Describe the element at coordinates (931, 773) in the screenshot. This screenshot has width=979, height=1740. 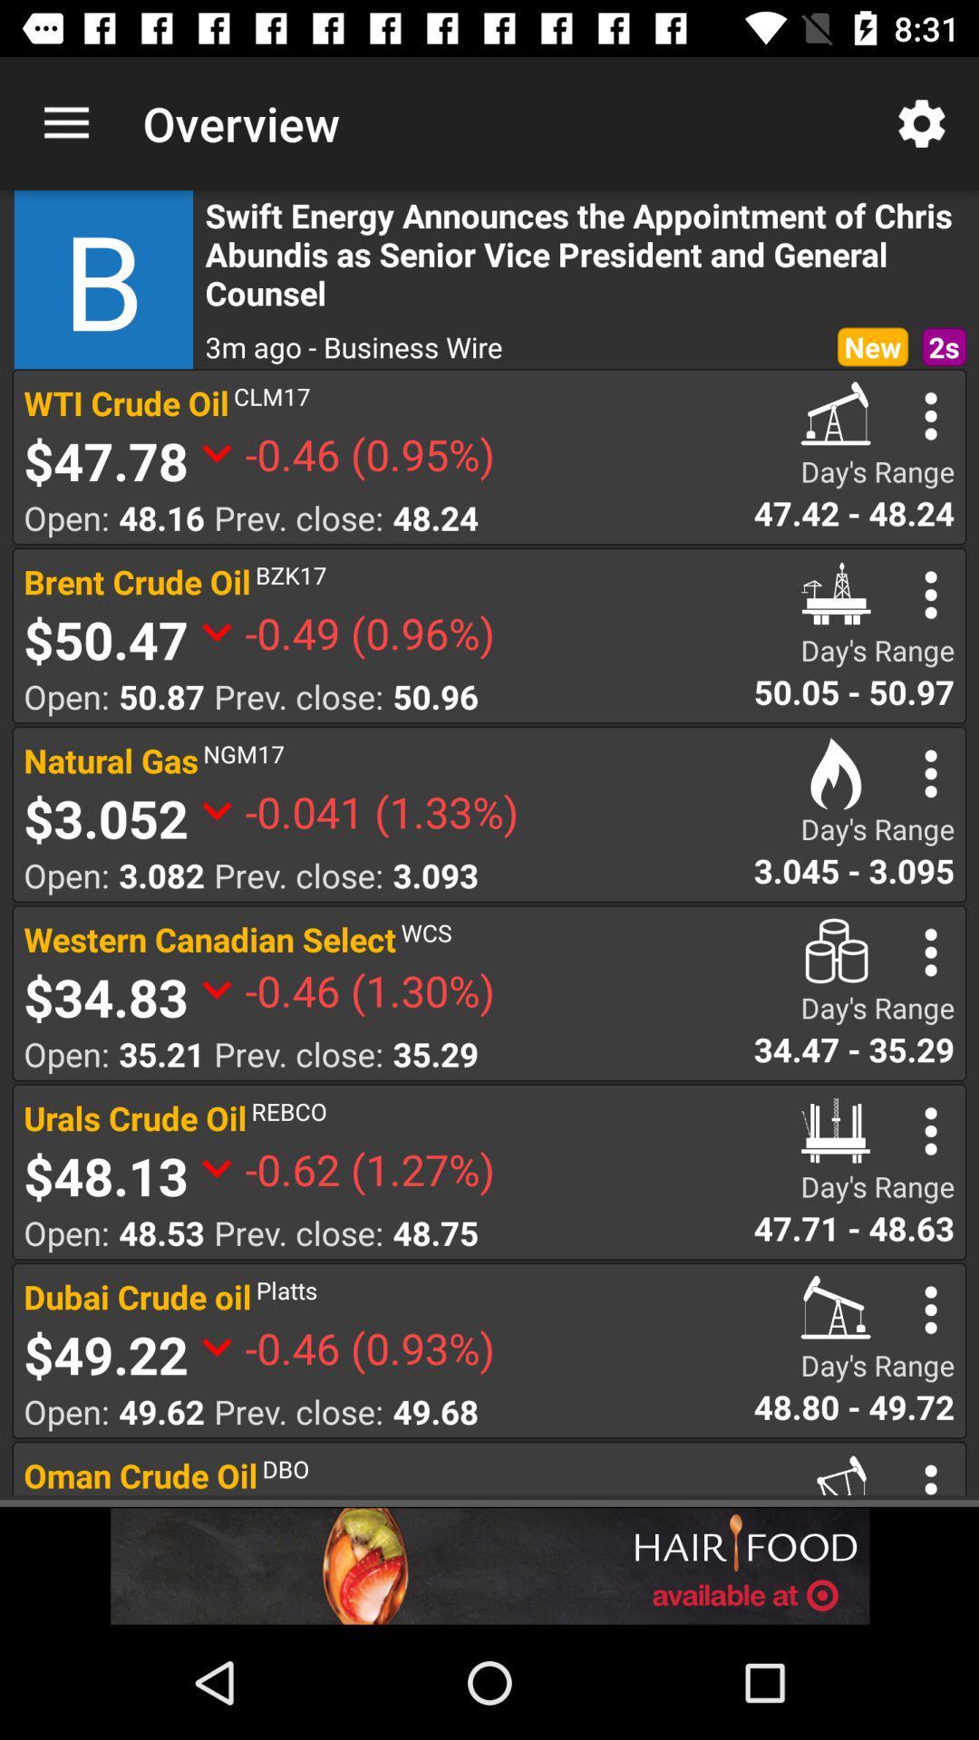
I see `search` at that location.